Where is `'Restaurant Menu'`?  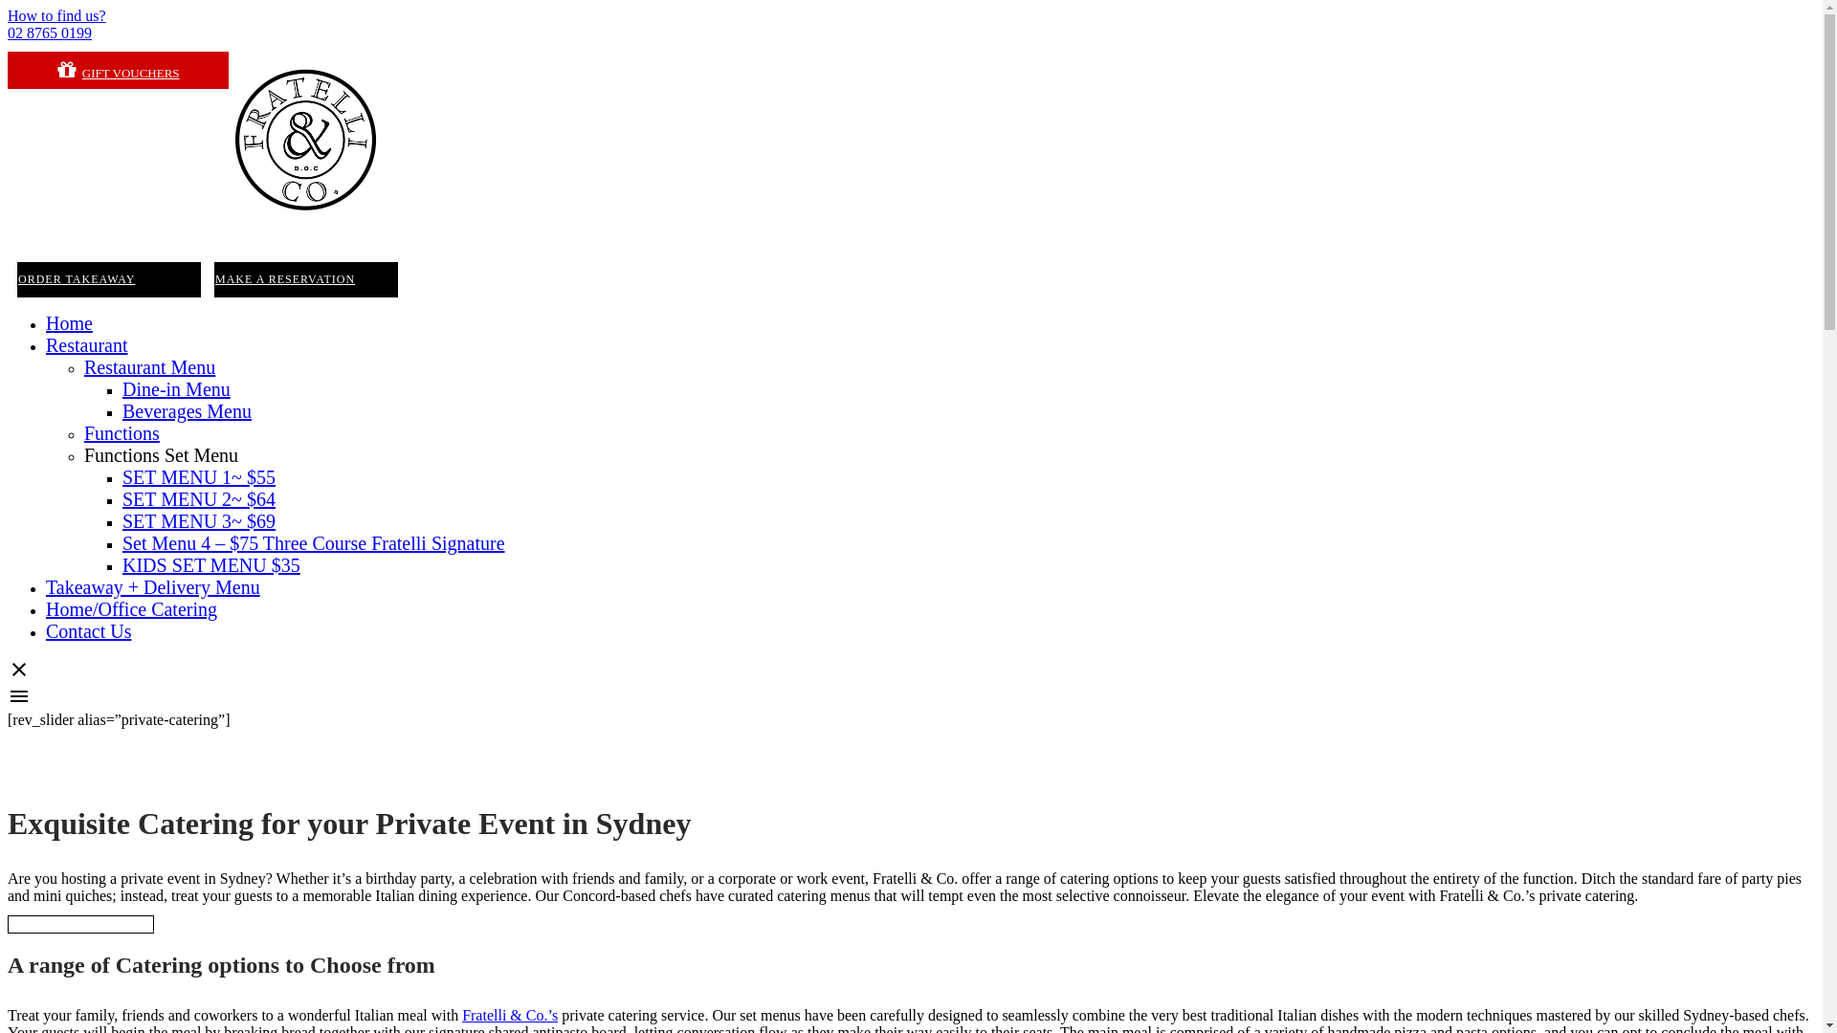
'Restaurant Menu' is located at coordinates (148, 367).